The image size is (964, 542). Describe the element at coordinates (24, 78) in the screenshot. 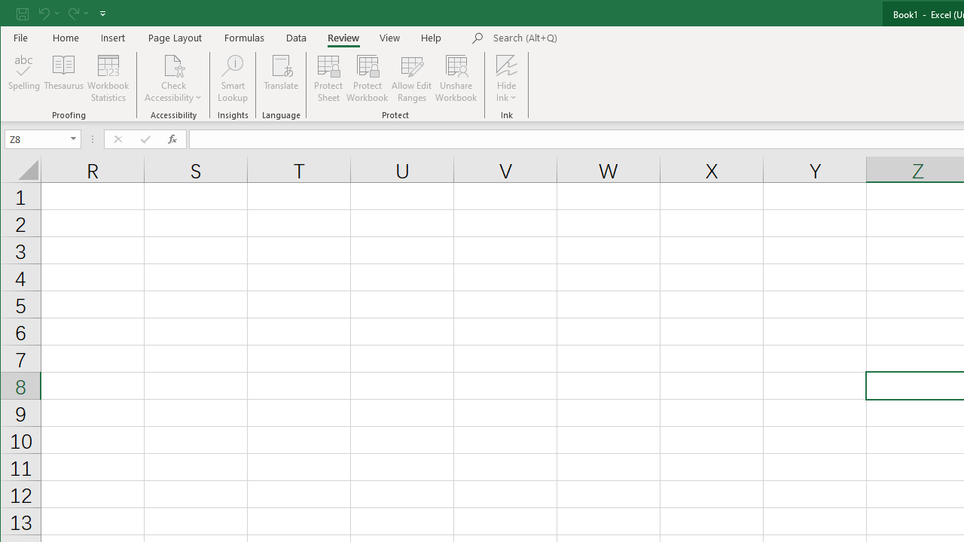

I see `'Spelling...'` at that location.